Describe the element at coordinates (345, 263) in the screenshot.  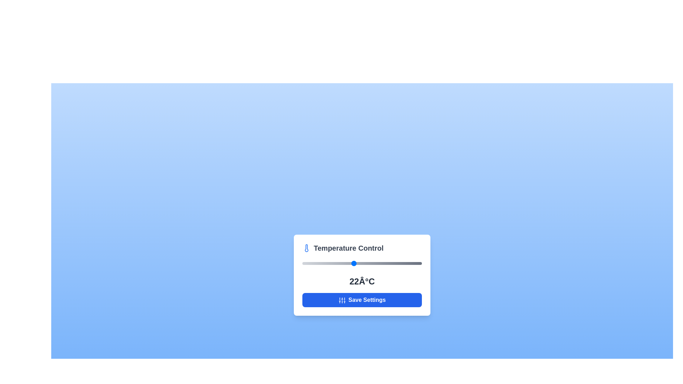
I see `the temperature slider to 21°C` at that location.